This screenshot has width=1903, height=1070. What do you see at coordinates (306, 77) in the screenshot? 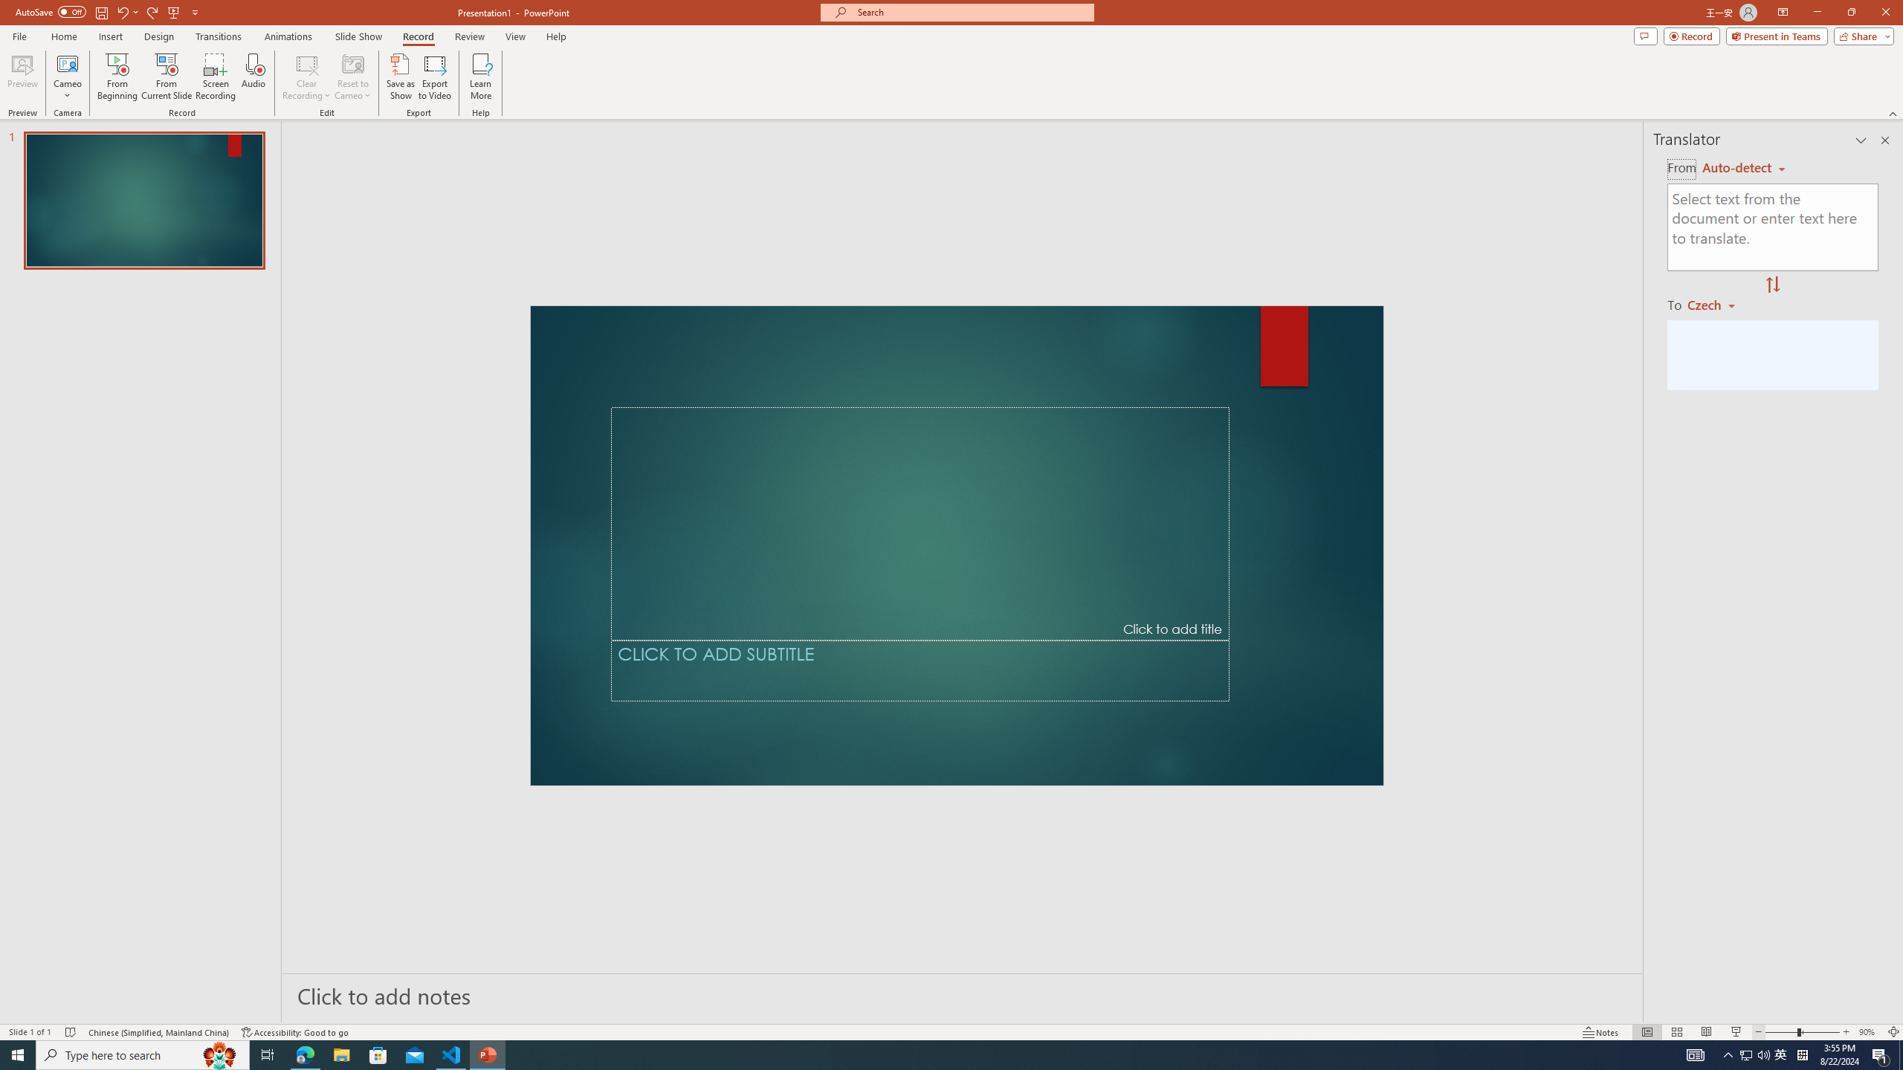
I see `'Clear Recording'` at bounding box center [306, 77].